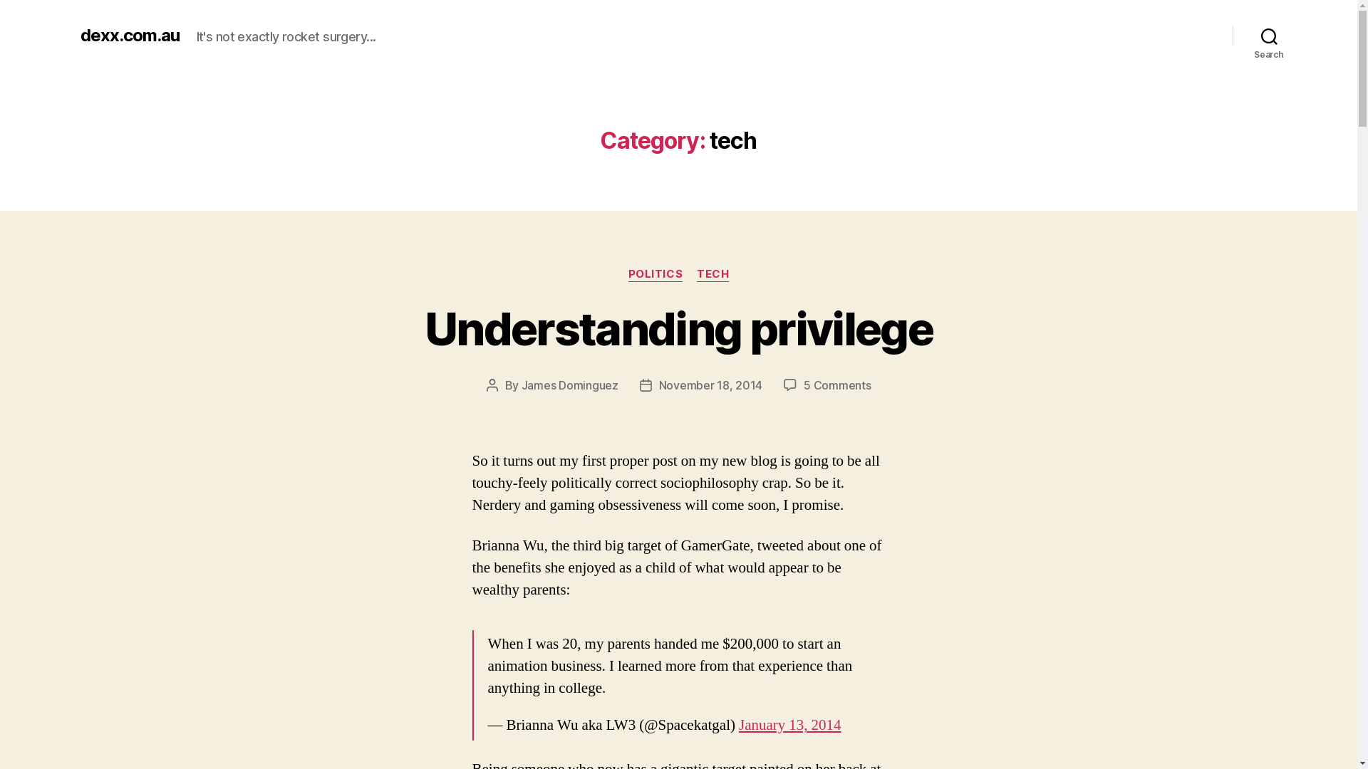 The width and height of the screenshot is (1368, 769). What do you see at coordinates (837, 384) in the screenshot?
I see `'5 Comments` at bounding box center [837, 384].